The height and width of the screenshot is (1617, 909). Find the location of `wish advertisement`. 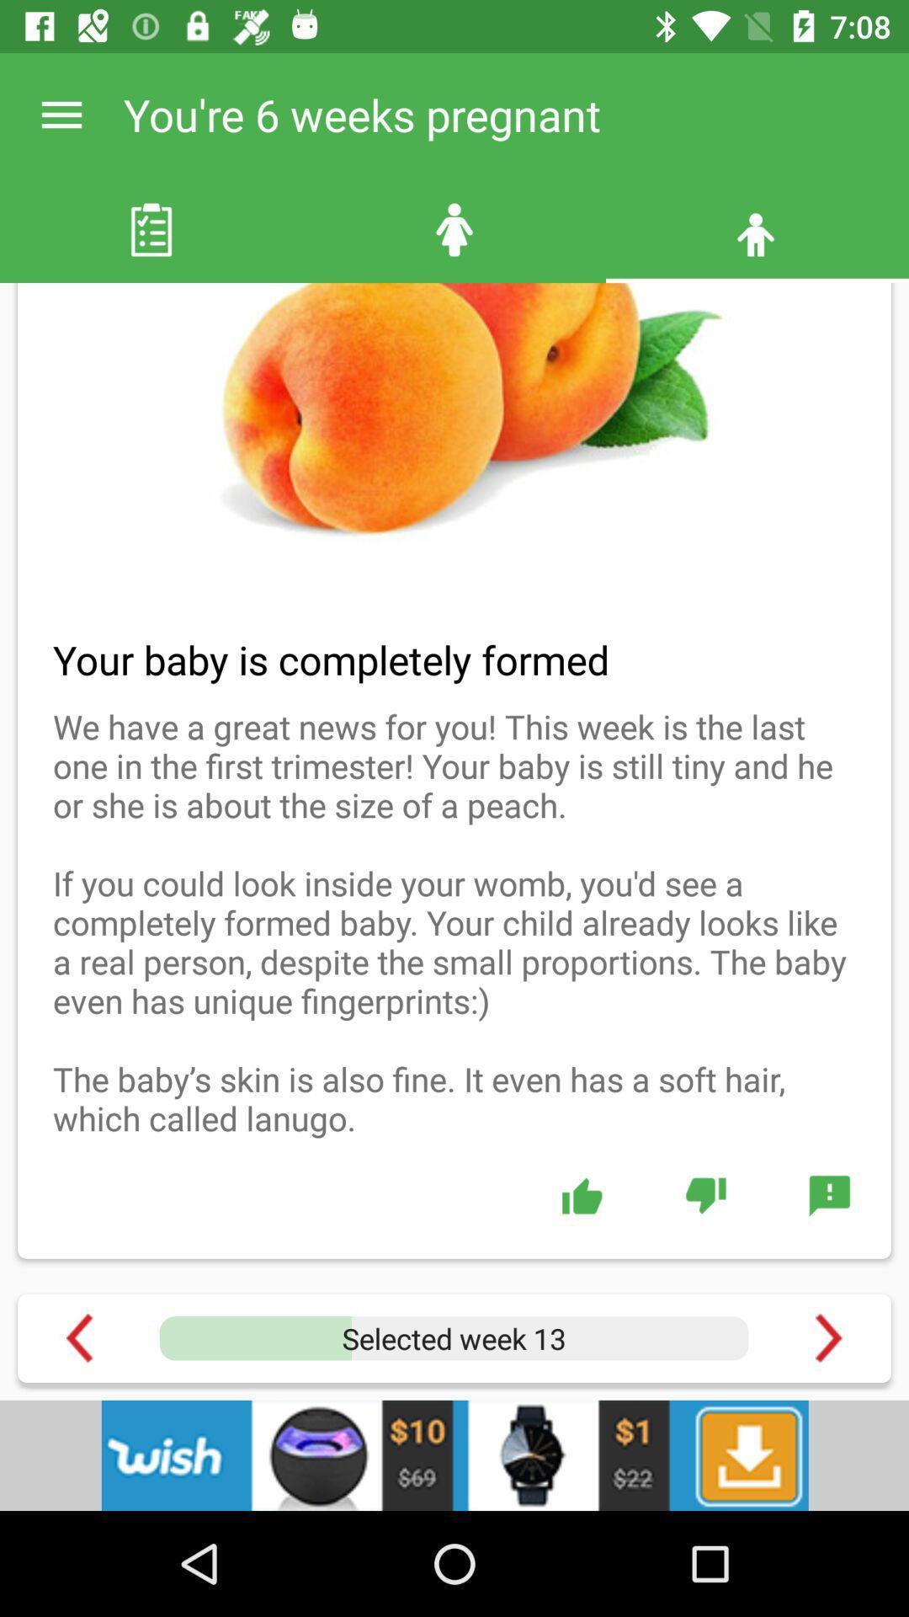

wish advertisement is located at coordinates (454, 1454).